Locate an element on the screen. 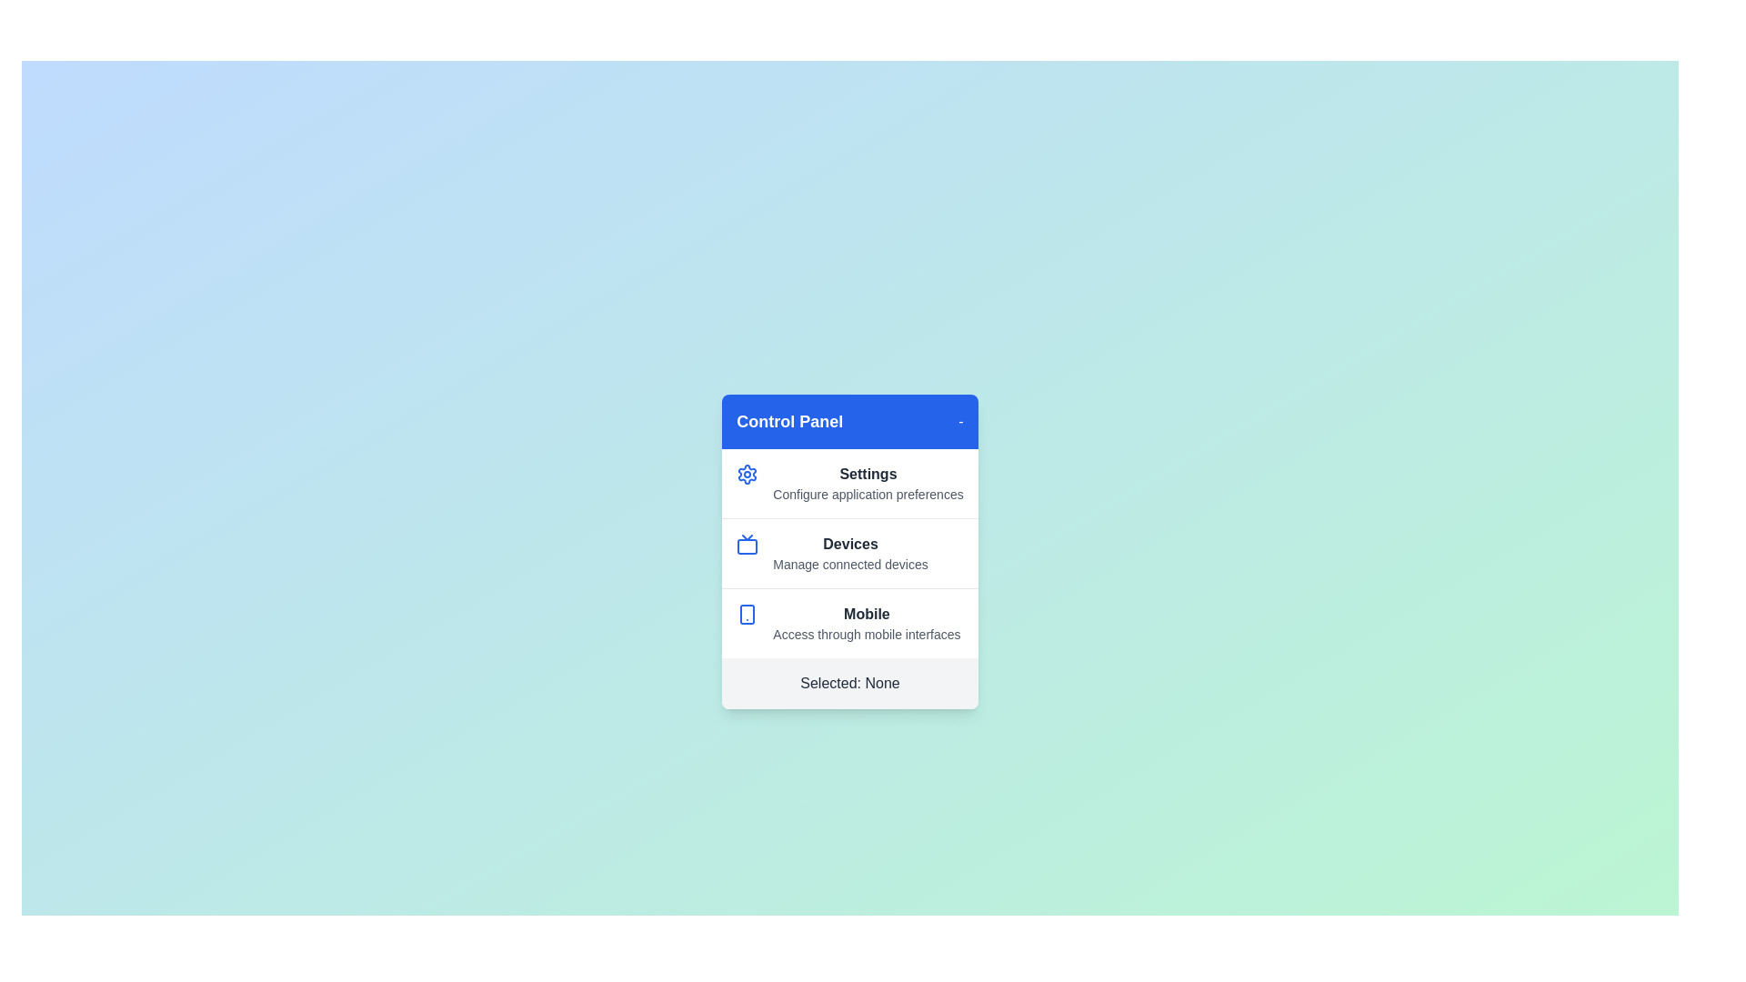 The image size is (1746, 982). '-' button in the header to toggle the menu visibility is located at coordinates (959, 421).